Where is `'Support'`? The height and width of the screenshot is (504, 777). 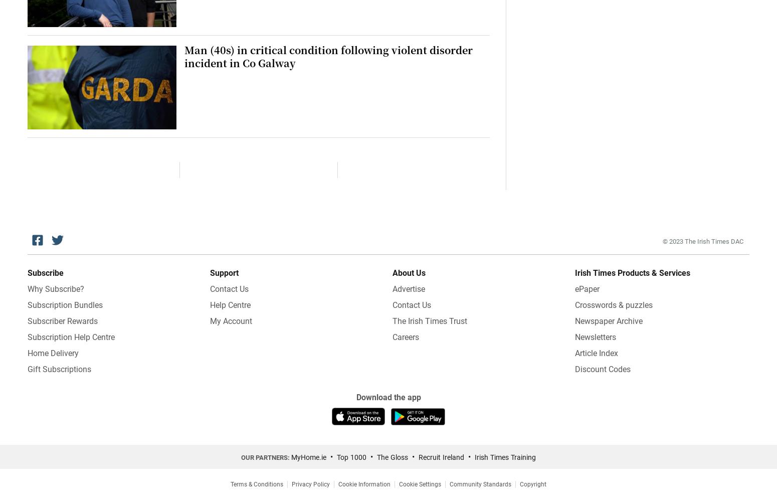 'Support' is located at coordinates (224, 272).